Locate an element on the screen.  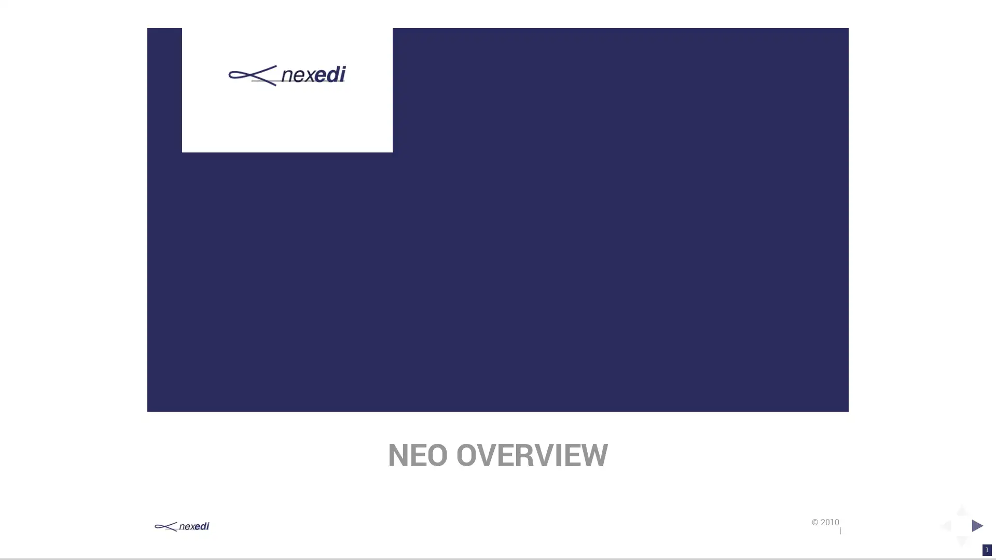
above slide is located at coordinates (961, 506).